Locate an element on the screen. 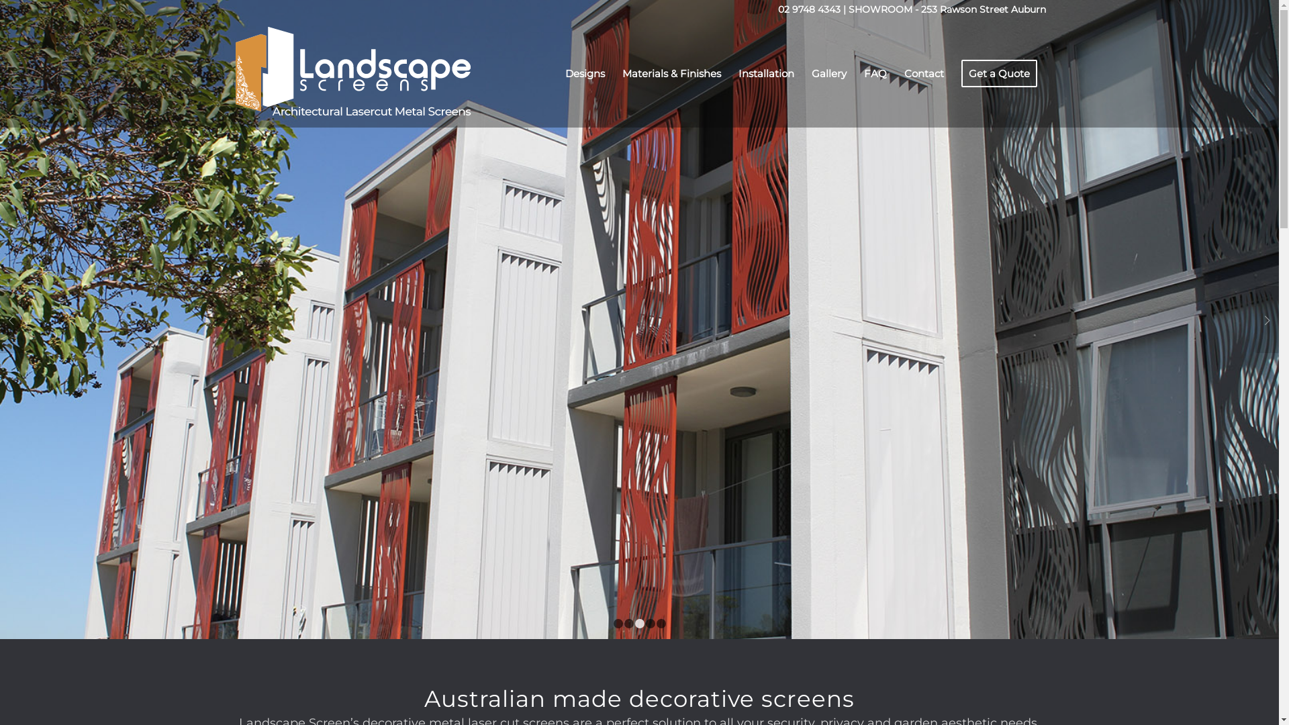  '2' is located at coordinates (628, 624).